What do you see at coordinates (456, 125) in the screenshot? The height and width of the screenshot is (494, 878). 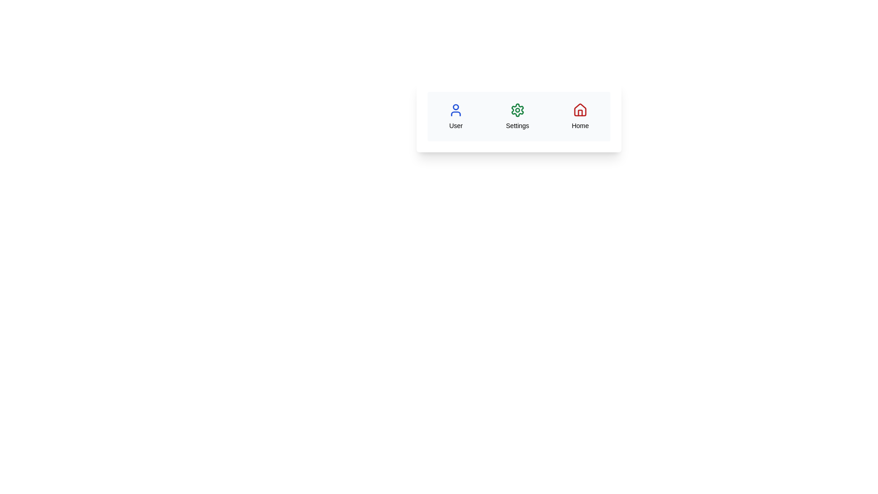 I see `the label displaying the word 'User', which is located beneath a user profile icon in a vertically stacked layout` at bounding box center [456, 125].